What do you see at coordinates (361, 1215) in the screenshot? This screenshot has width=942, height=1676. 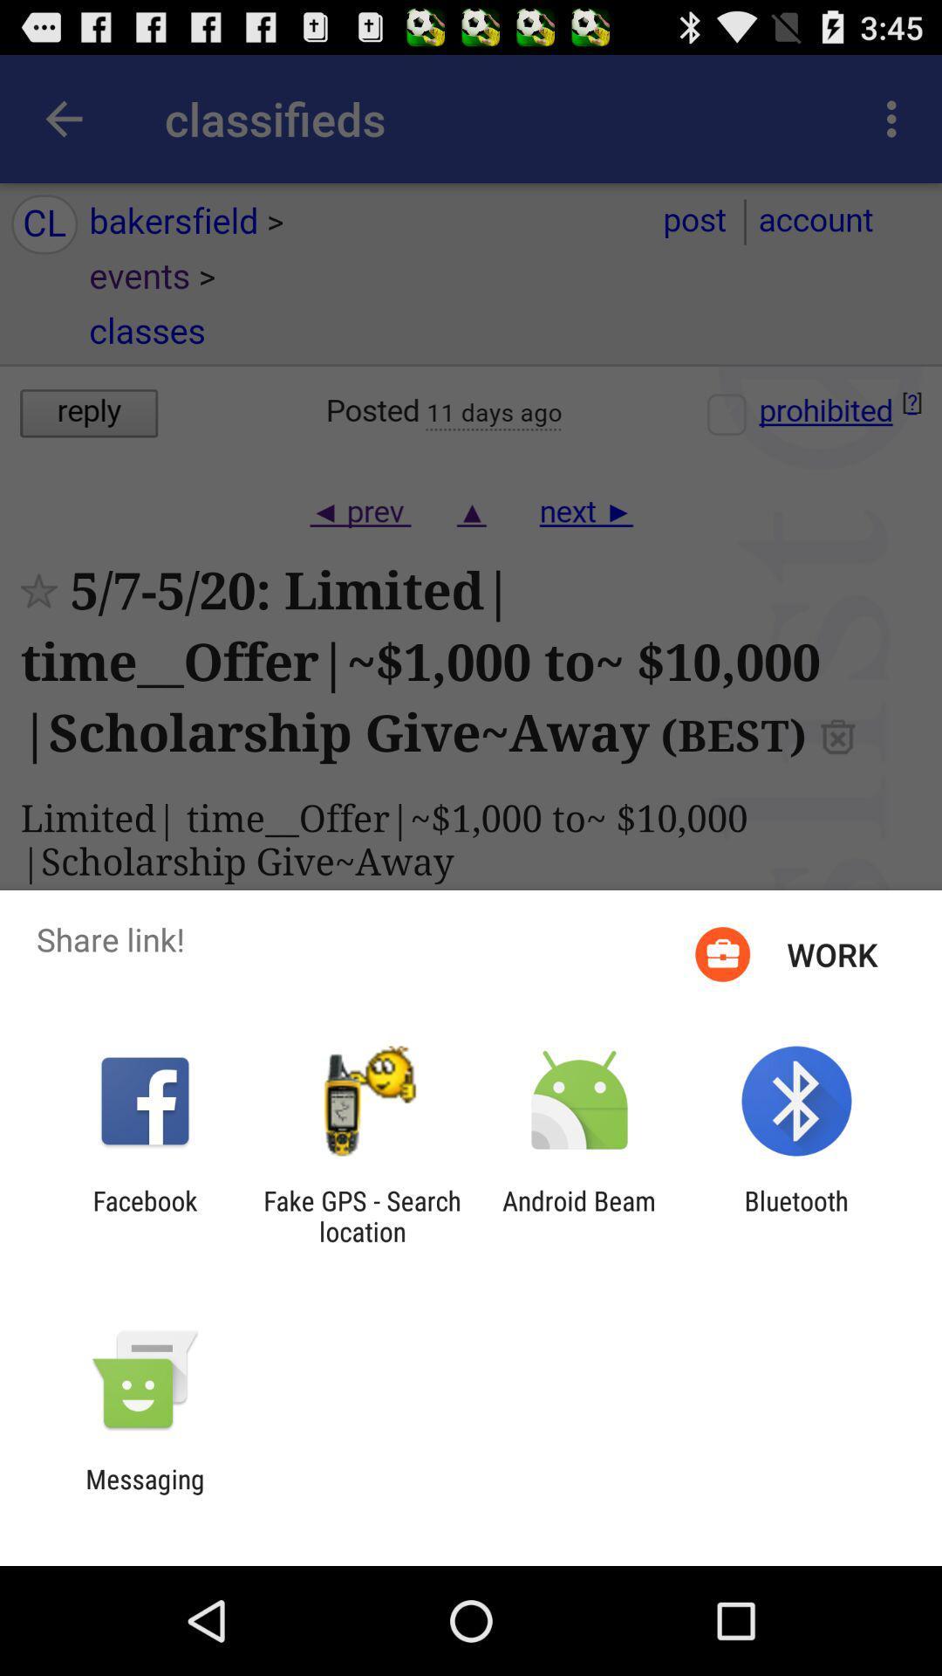 I see `the icon next to facebook item` at bounding box center [361, 1215].